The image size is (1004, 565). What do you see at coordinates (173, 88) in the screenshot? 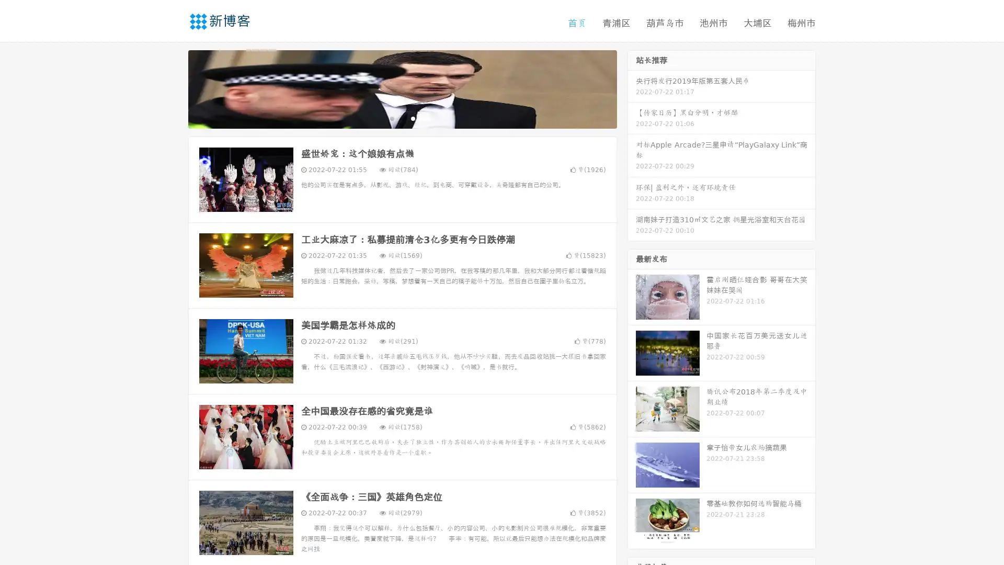
I see `Previous slide` at bounding box center [173, 88].